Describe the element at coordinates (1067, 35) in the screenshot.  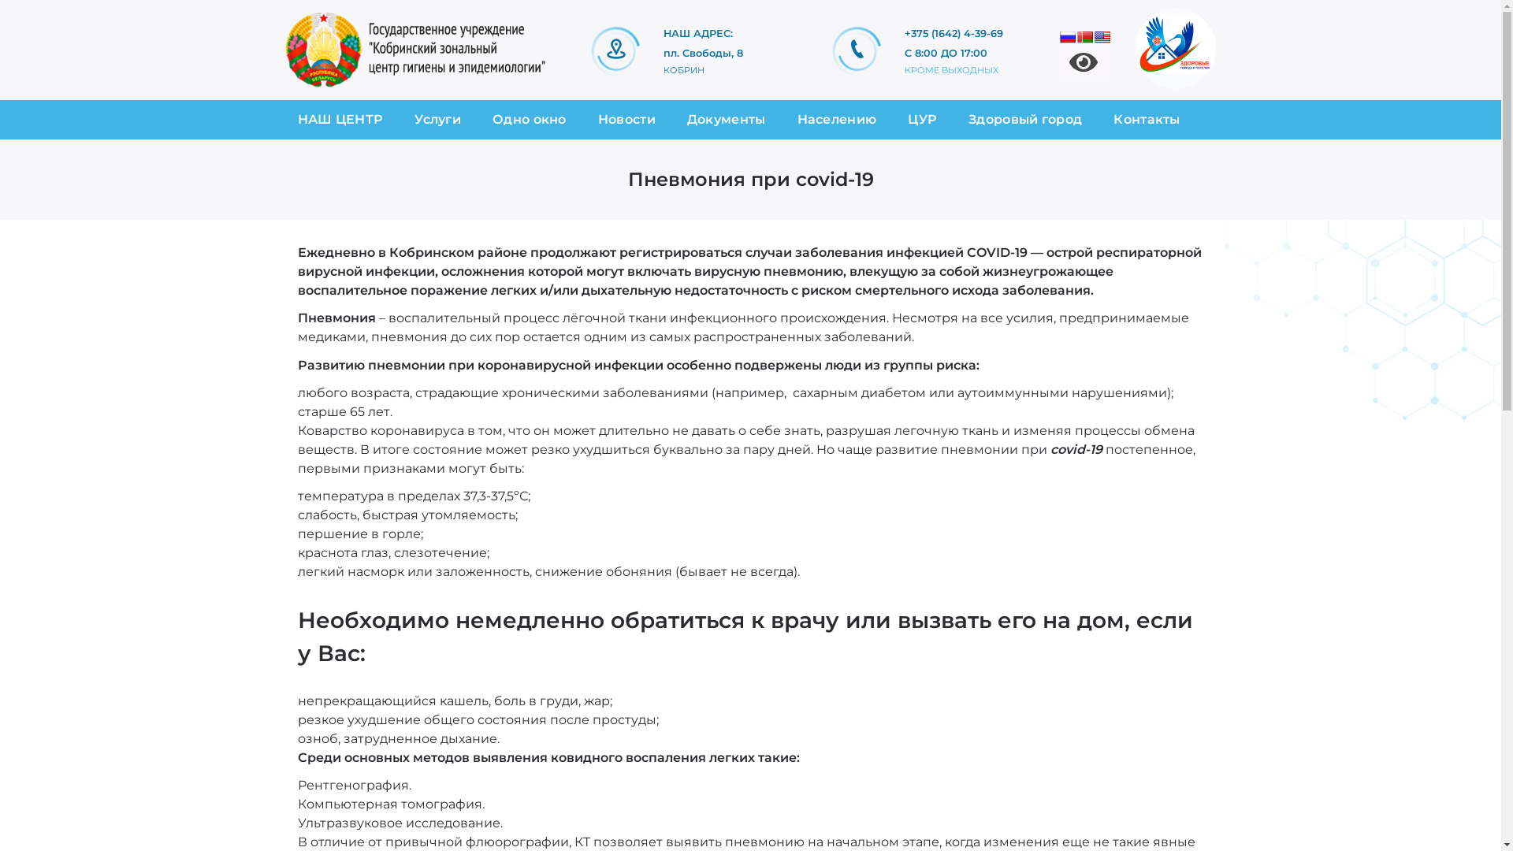
I see `'Russian'` at that location.